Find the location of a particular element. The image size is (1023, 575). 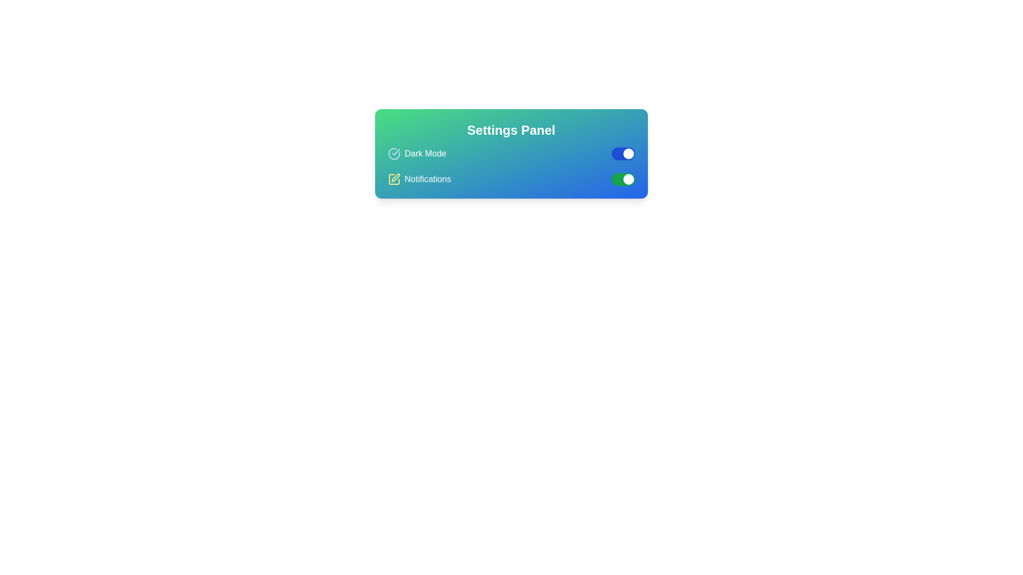

the 'Notifications' toggle label with an icon, located below the 'Dark Mode' toggle option in the settings panel is located at coordinates (419, 178).